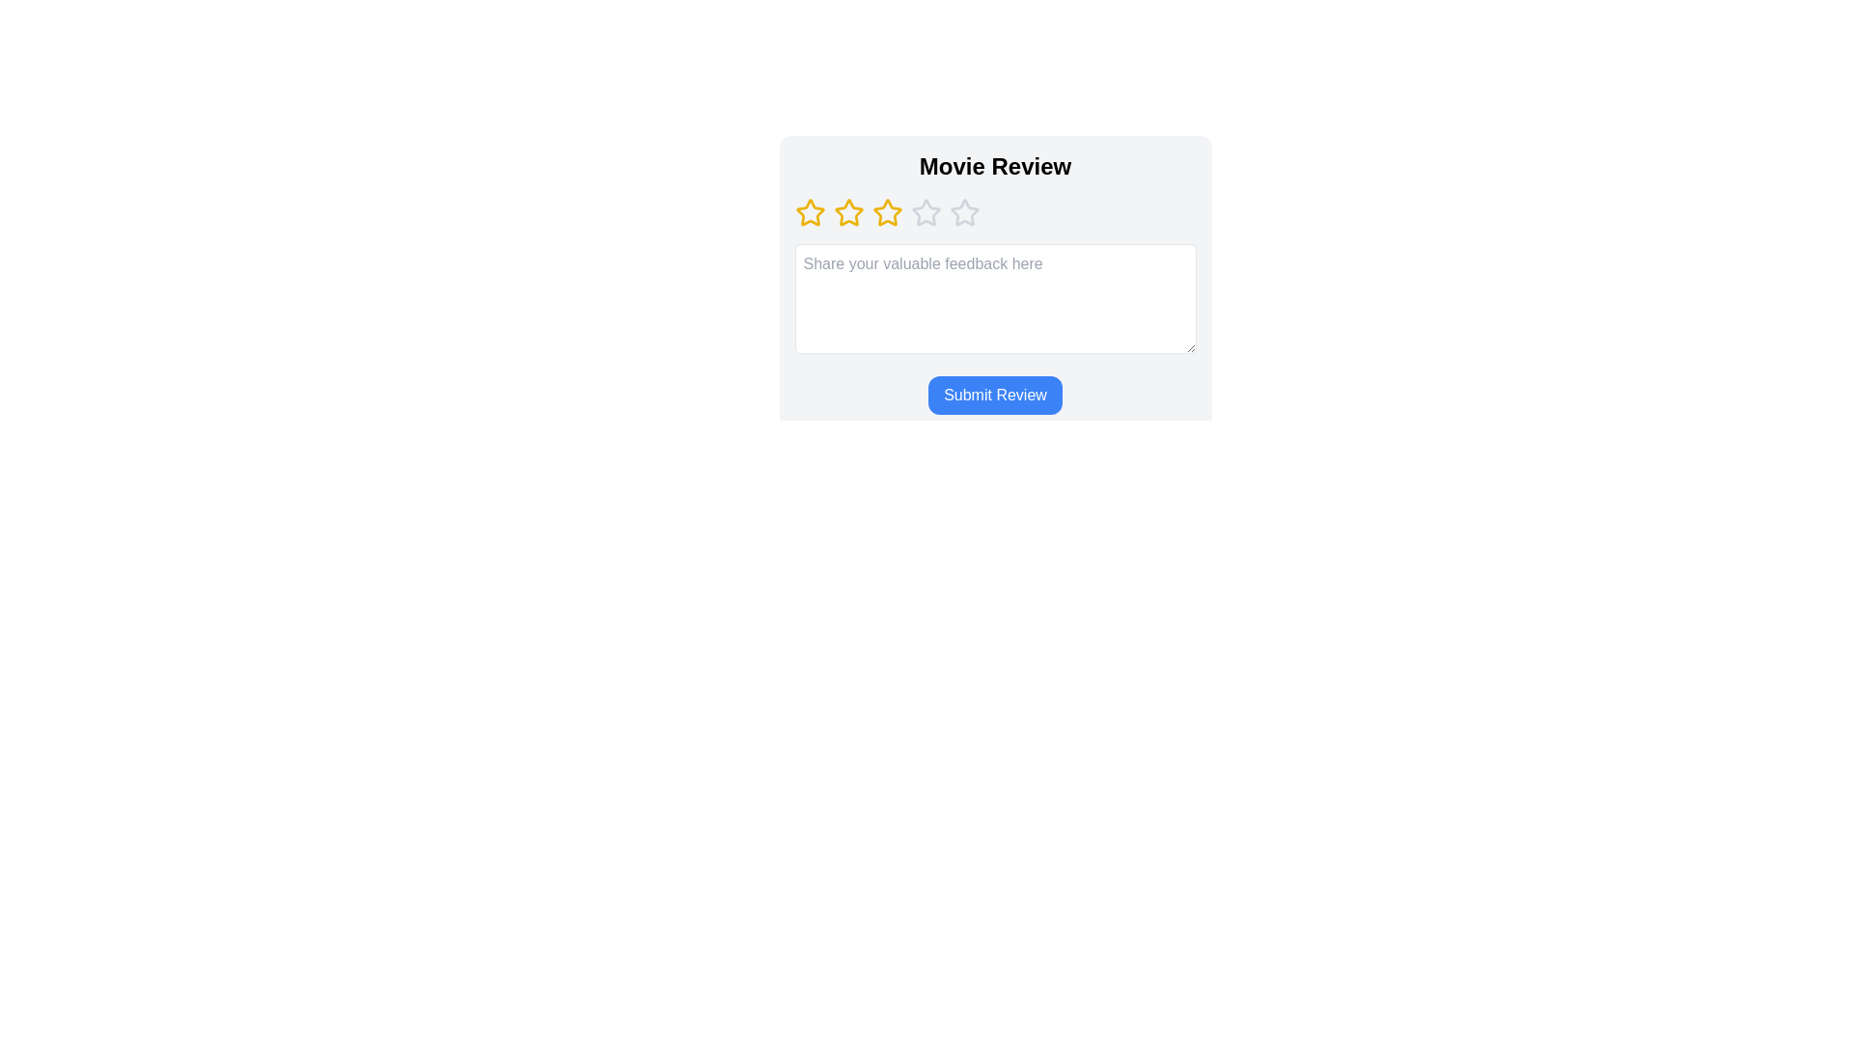 The width and height of the screenshot is (1853, 1042). Describe the element at coordinates (995, 394) in the screenshot. I see `the 'Submit Review' button to submit the review` at that location.